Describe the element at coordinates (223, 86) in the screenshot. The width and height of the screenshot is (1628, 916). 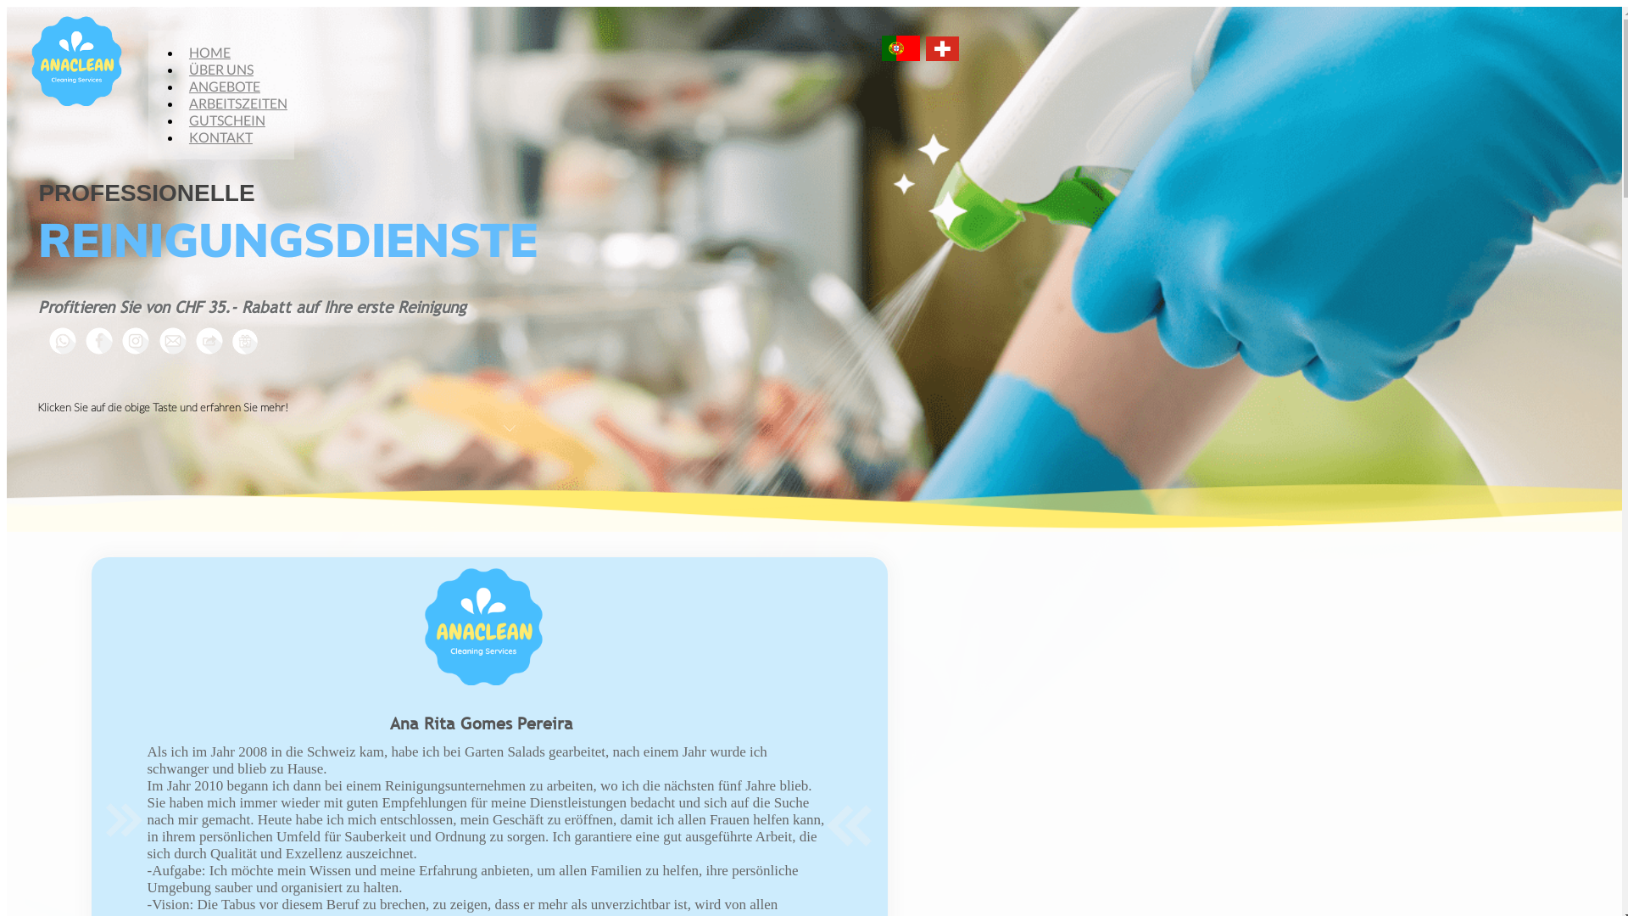
I see `'ANGEBOTE'` at that location.